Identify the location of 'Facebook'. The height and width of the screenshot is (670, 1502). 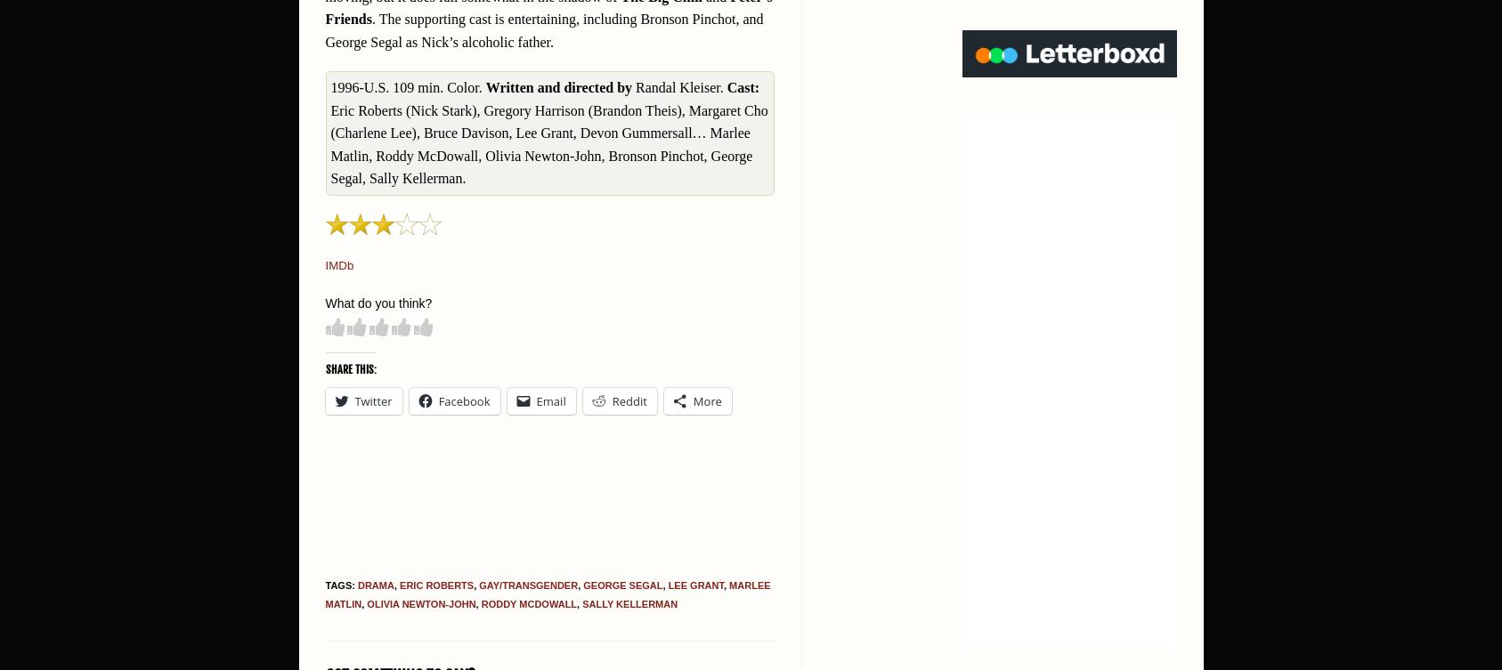
(462, 399).